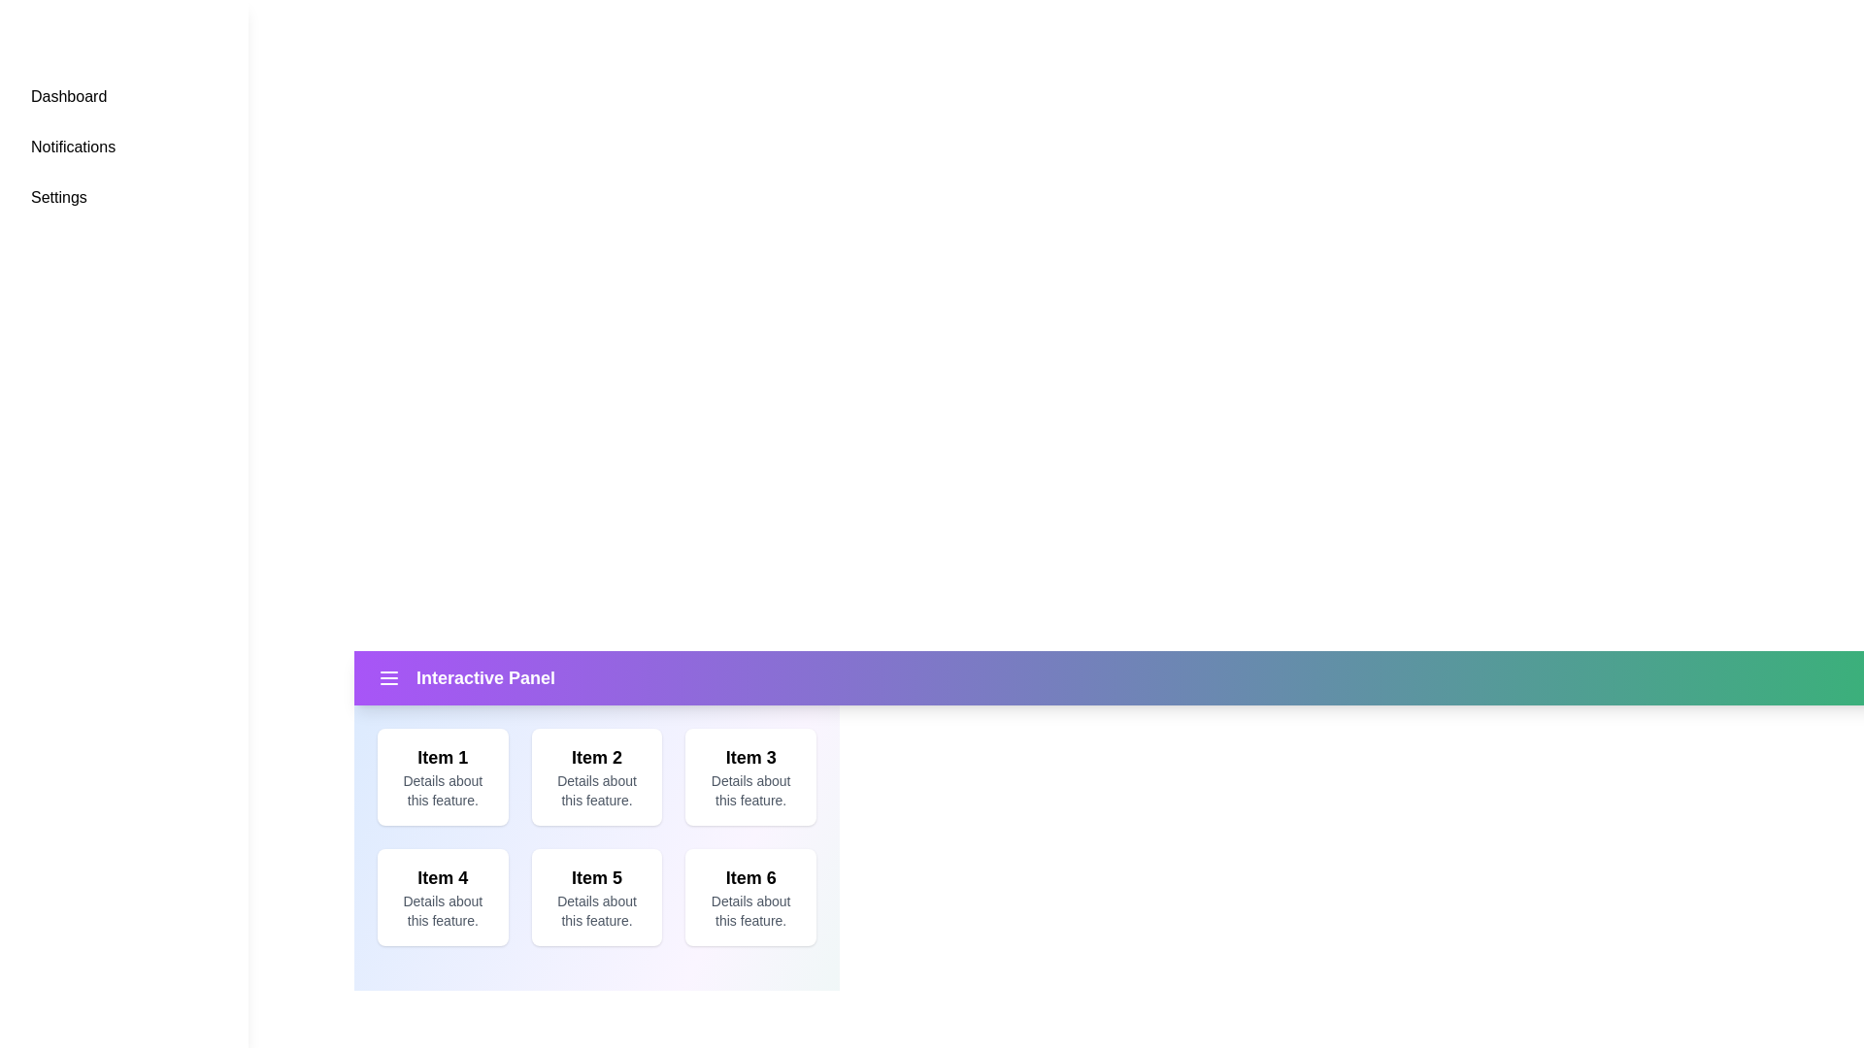  Describe the element at coordinates (442, 910) in the screenshot. I see `the descriptive text label 'Details about this feature.' styled in small gray font located below 'Item 4' in the fourth card of the grid layout under the 'Interactive Panel' heading` at that location.